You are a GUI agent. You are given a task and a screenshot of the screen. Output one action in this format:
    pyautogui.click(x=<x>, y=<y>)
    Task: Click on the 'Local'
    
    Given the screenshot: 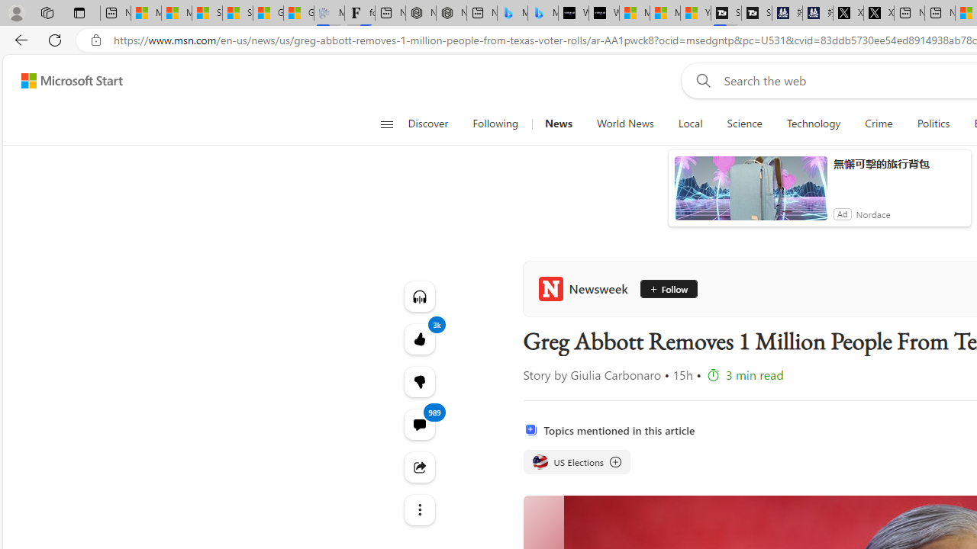 What is the action you would take?
    pyautogui.click(x=689, y=124)
    